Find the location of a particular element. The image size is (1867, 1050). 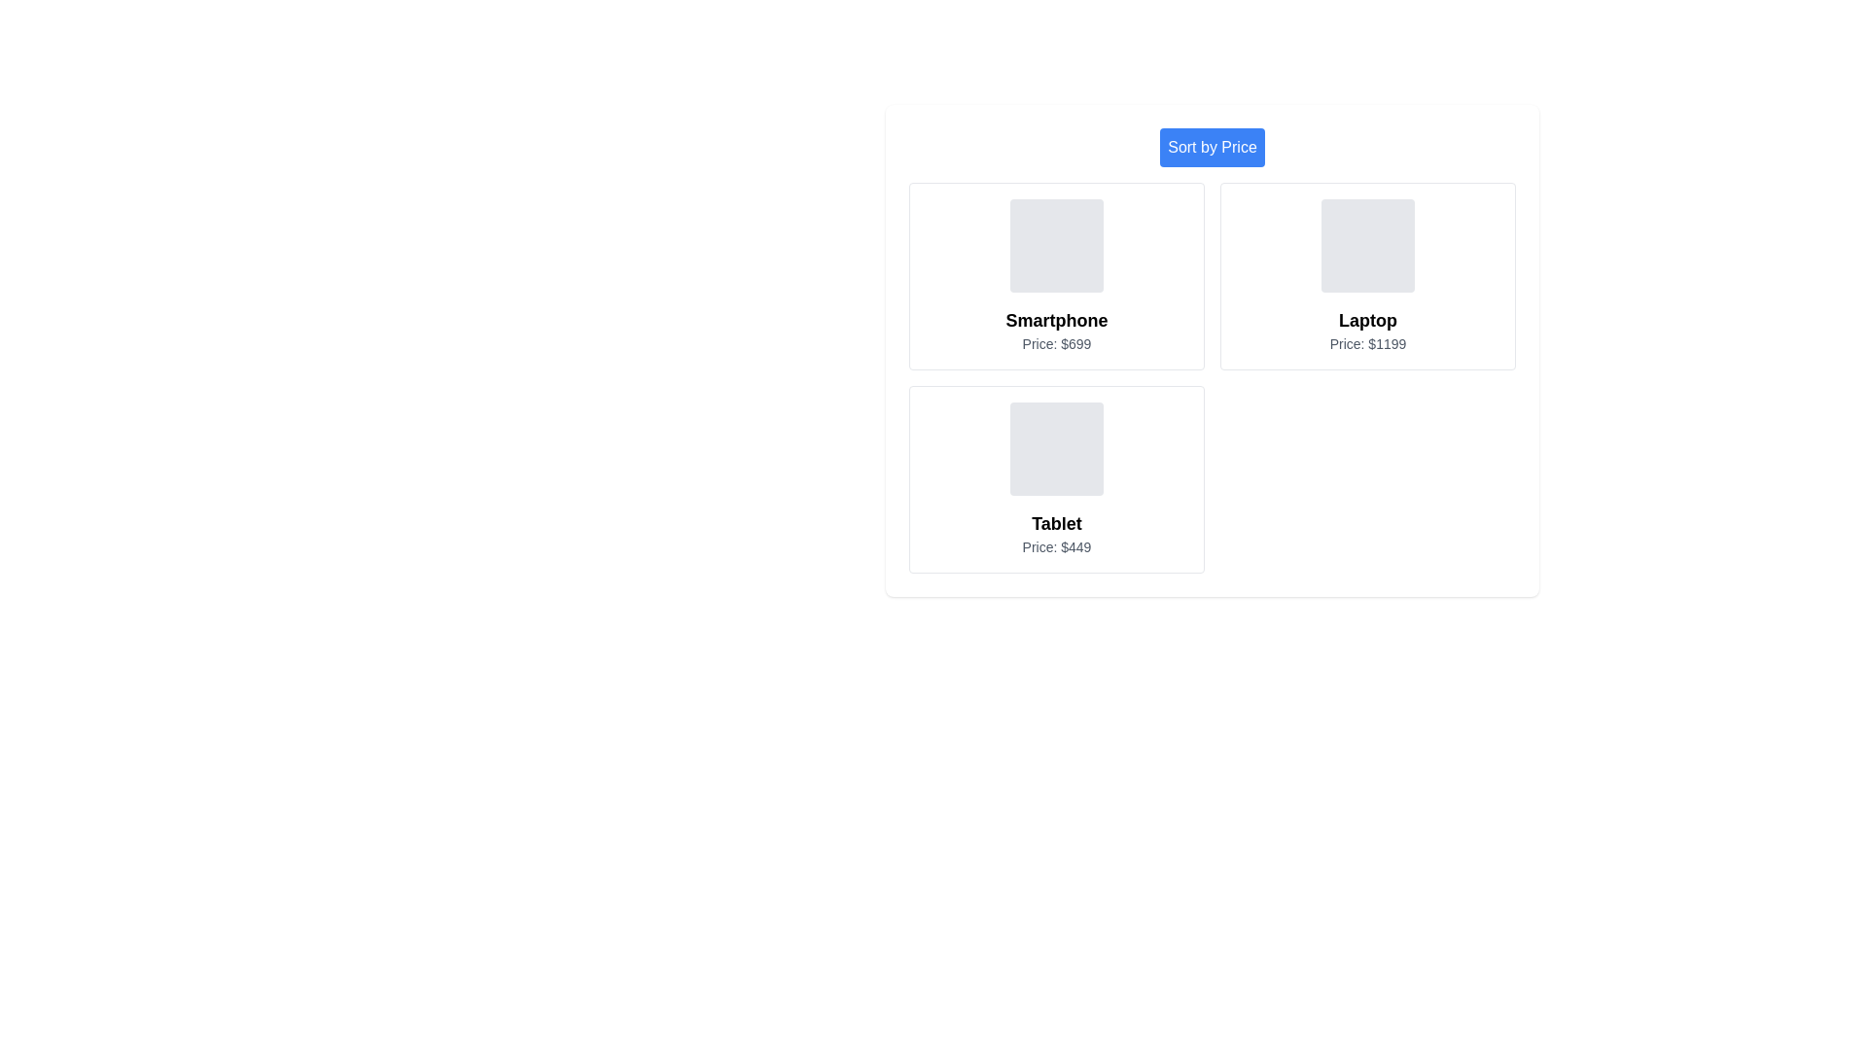

the product card for Tablet is located at coordinates (1055, 479).